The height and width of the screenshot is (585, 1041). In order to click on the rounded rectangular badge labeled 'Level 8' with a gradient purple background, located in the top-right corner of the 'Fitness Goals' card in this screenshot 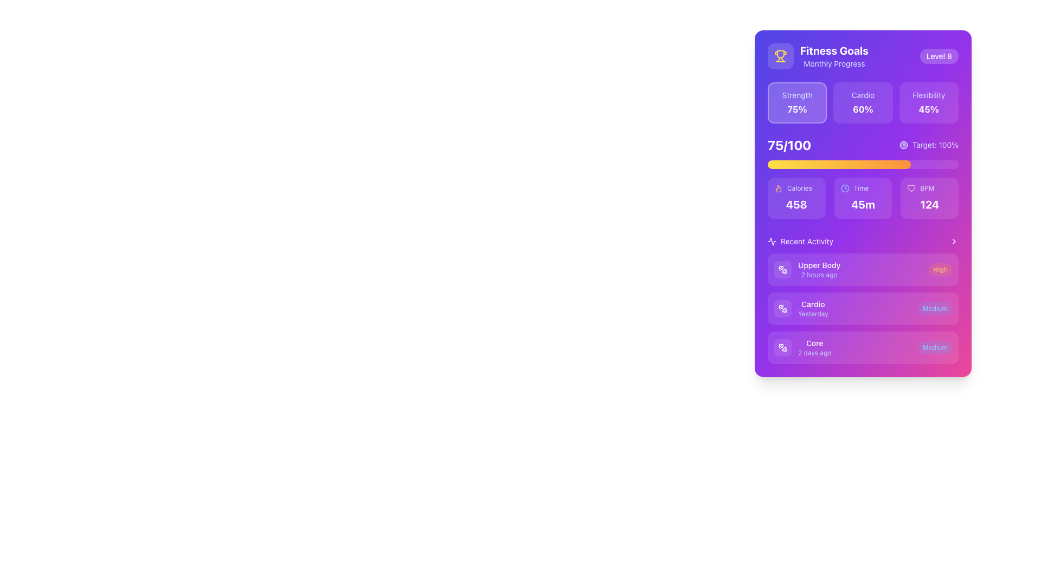, I will do `click(939, 56)`.